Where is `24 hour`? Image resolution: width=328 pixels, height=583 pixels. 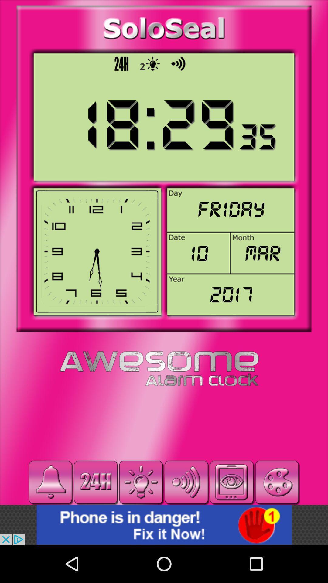
24 hour is located at coordinates (96, 482).